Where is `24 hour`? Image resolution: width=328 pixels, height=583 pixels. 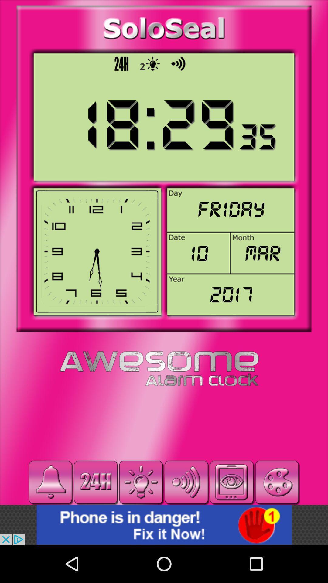
24 hour is located at coordinates (96, 482).